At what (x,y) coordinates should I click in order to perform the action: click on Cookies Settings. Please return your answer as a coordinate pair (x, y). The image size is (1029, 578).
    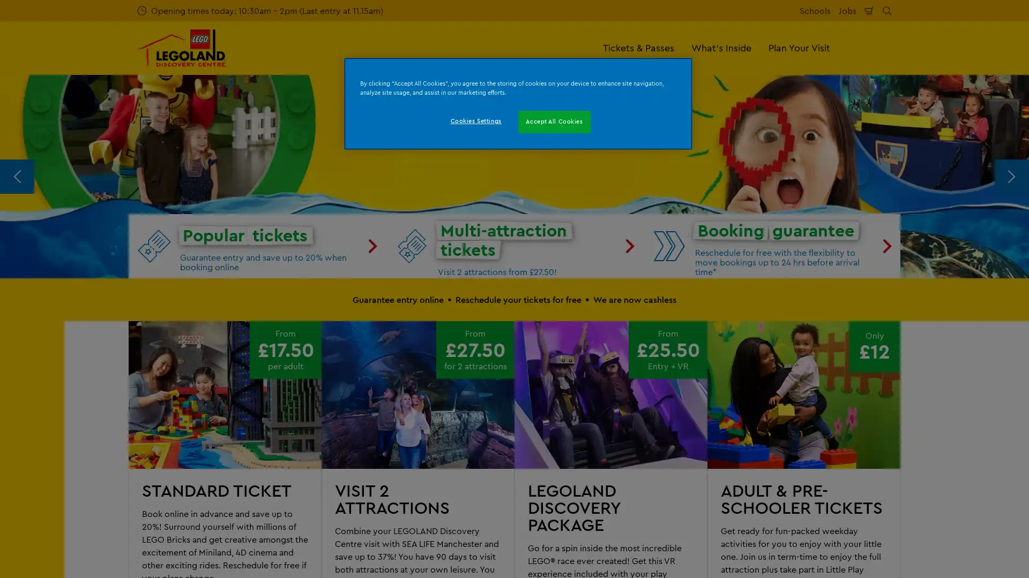
    Looking at the image, I should click on (475, 121).